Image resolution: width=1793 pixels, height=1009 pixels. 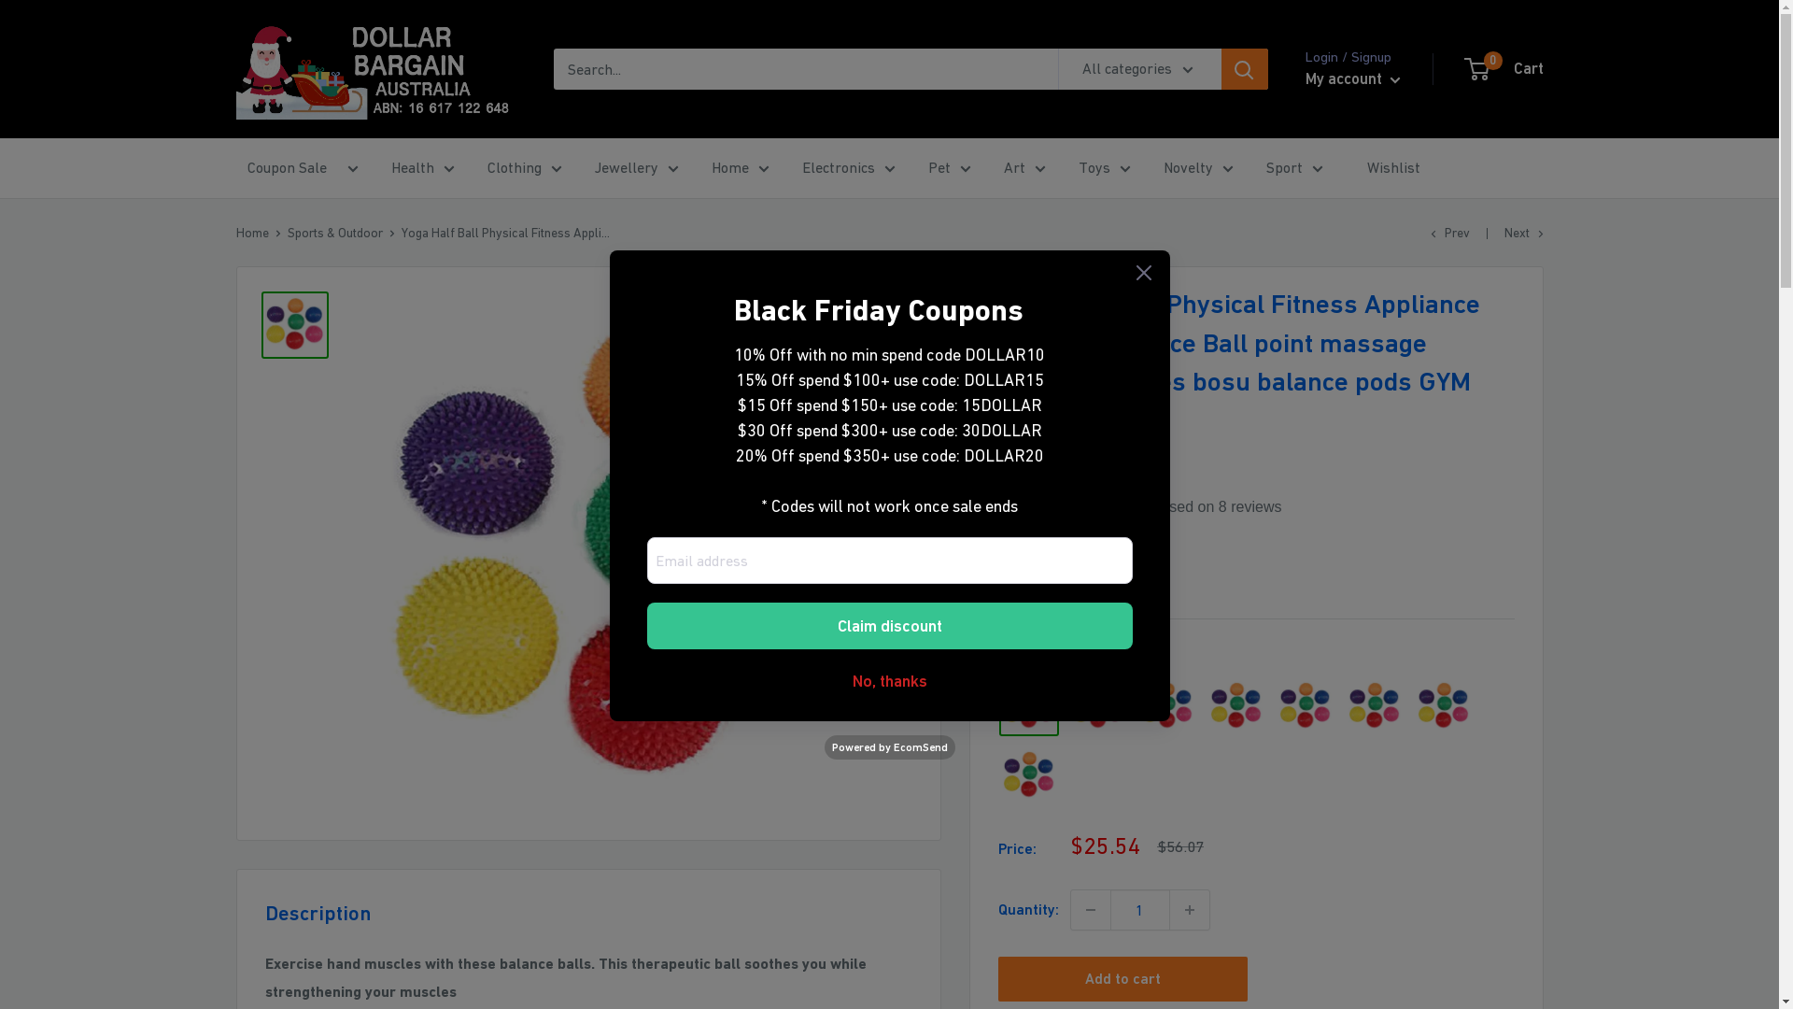 What do you see at coordinates (1103, 168) in the screenshot?
I see `'Toys'` at bounding box center [1103, 168].